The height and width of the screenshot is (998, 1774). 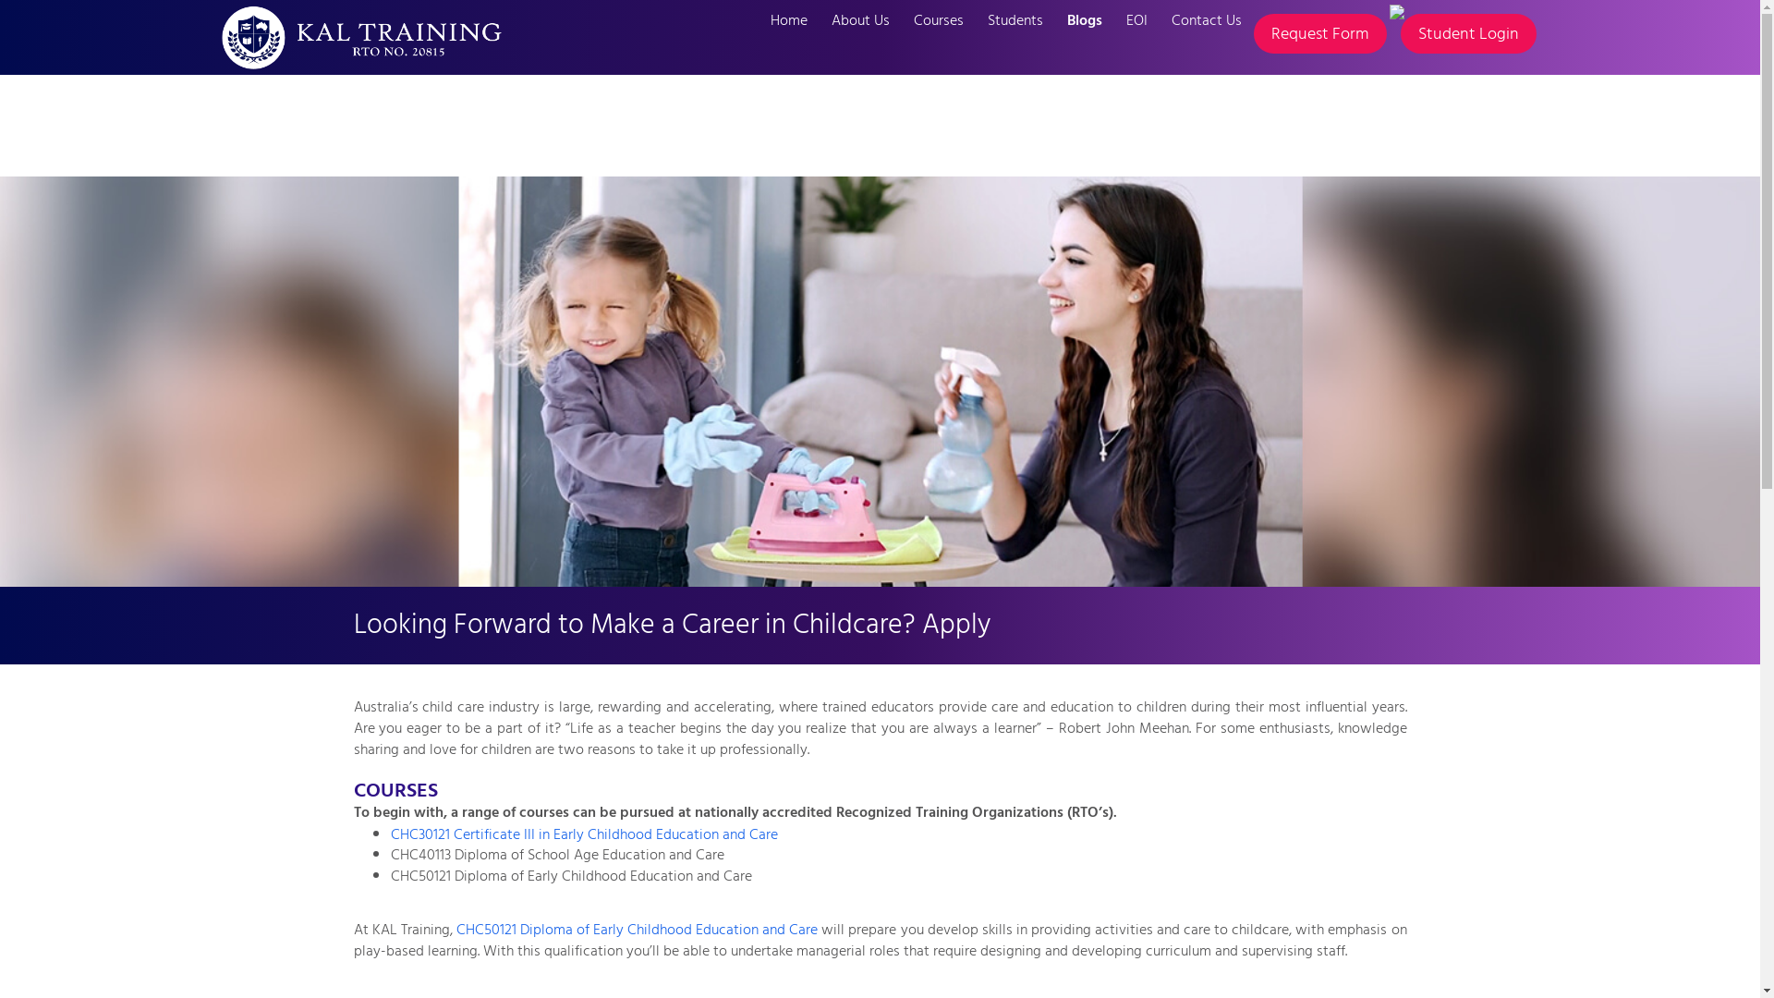 I want to click on 'Contact Us', so click(x=1157, y=20).